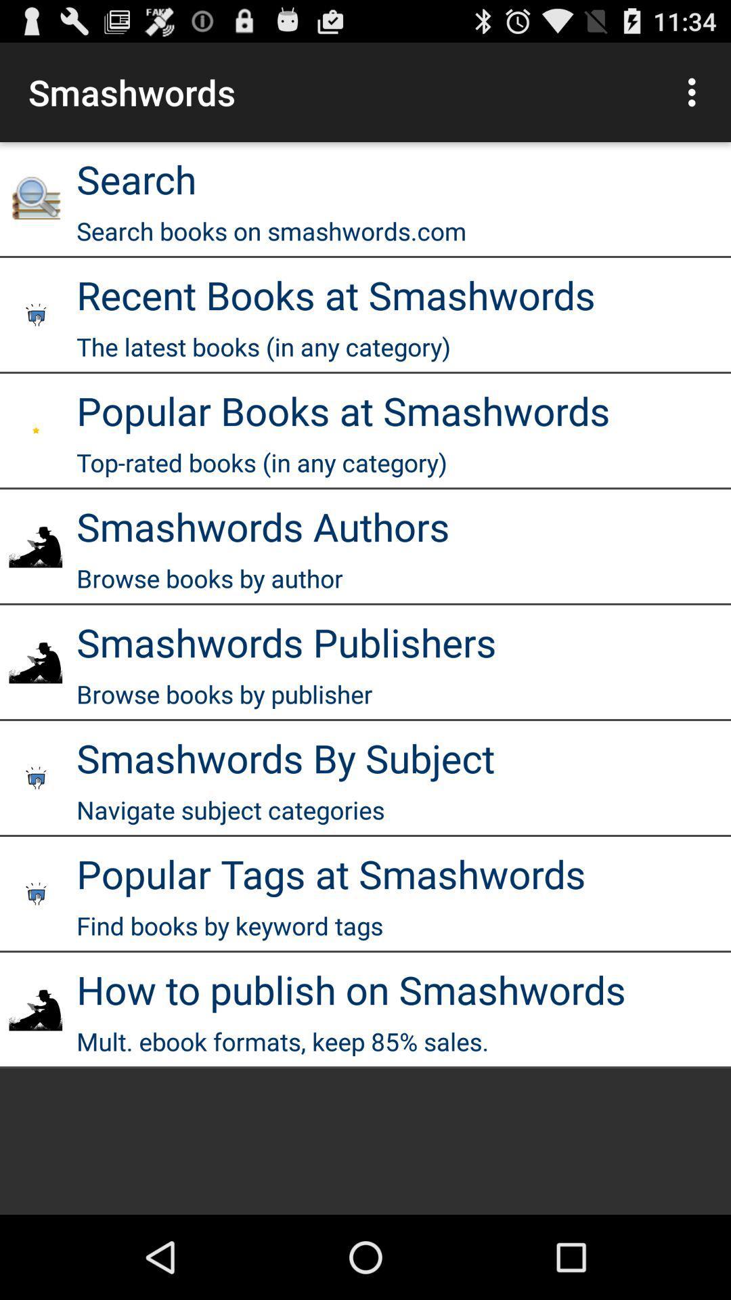 The height and width of the screenshot is (1300, 731). Describe the element at coordinates (285, 757) in the screenshot. I see `smashwords by subject icon` at that location.